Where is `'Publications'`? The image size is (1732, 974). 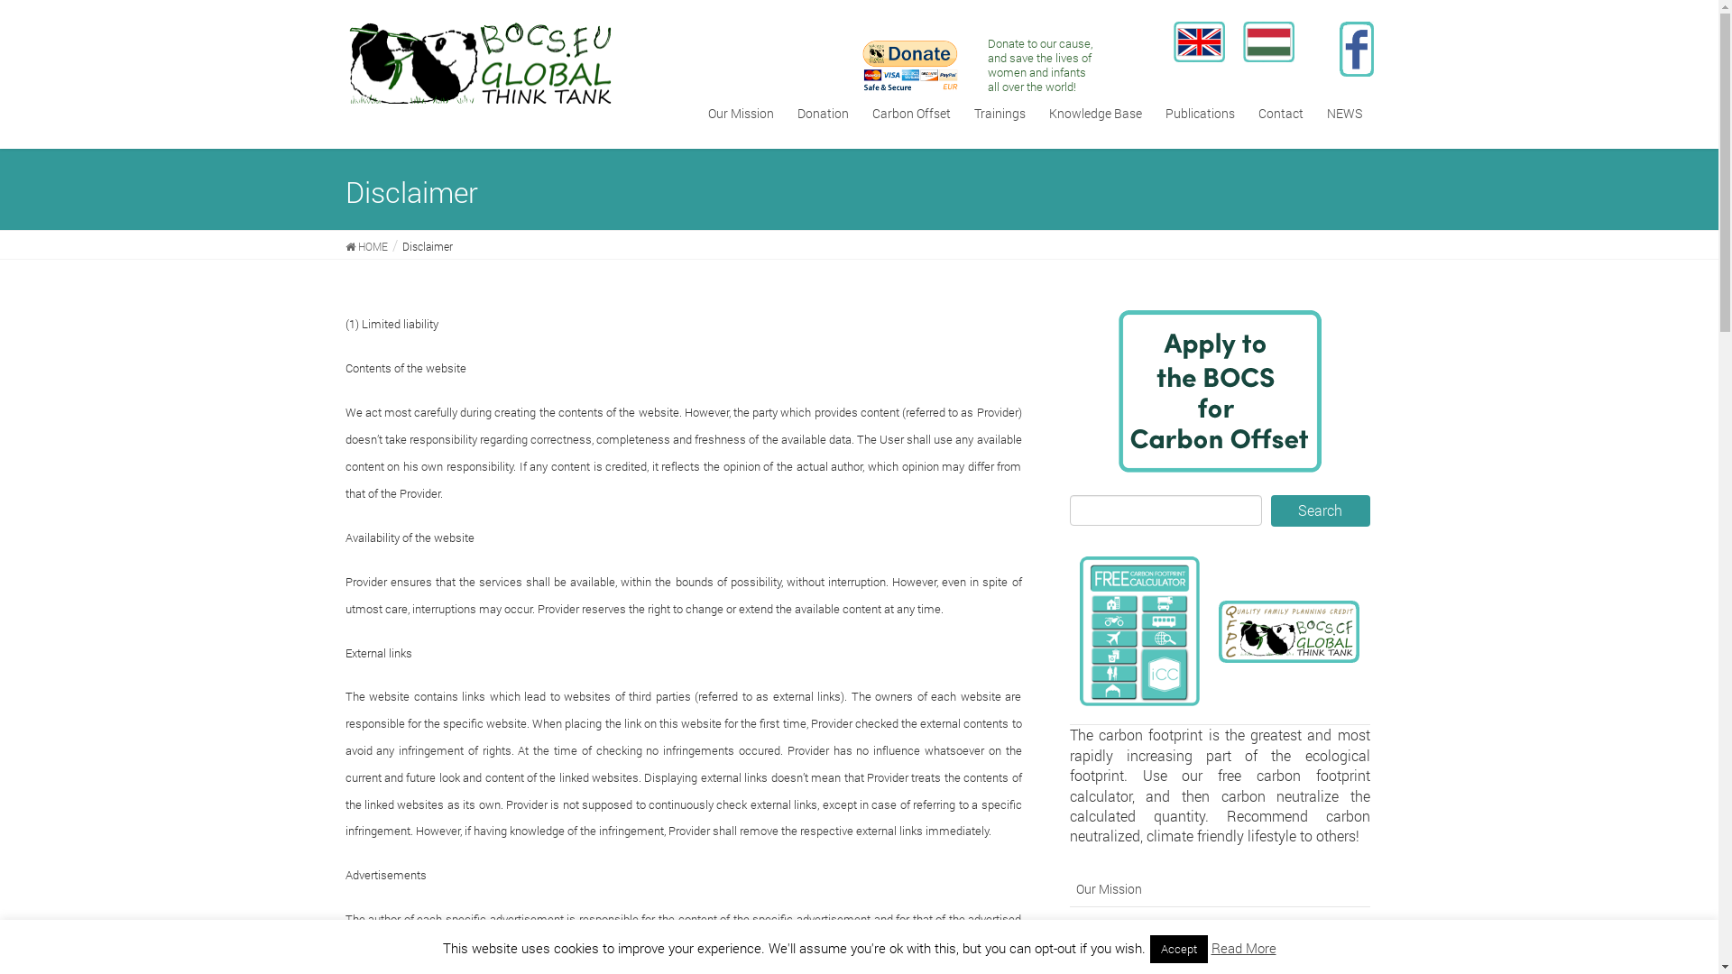 'Publications' is located at coordinates (1199, 113).